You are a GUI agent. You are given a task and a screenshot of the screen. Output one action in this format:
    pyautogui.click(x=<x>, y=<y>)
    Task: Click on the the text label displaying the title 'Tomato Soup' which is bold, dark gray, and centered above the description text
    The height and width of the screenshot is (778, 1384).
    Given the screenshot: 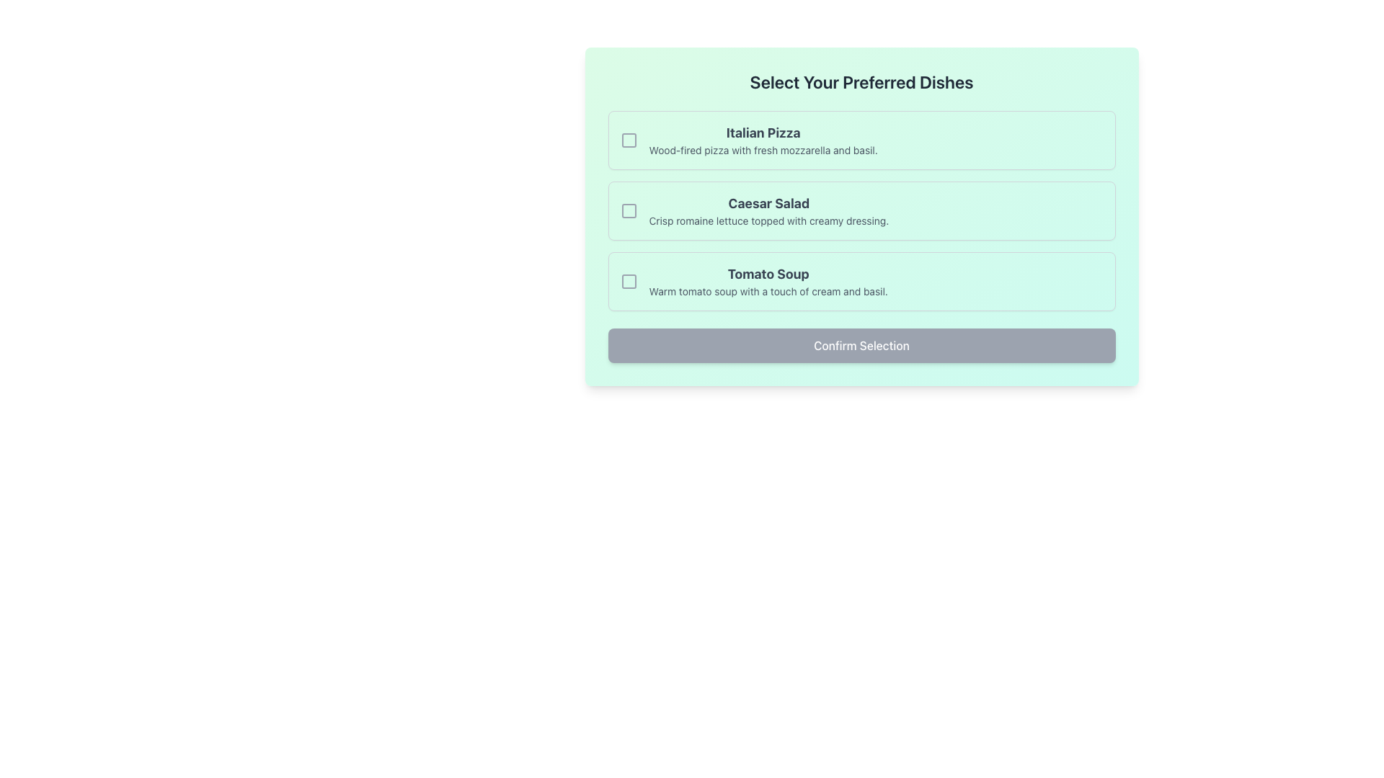 What is the action you would take?
    pyautogui.click(x=768, y=274)
    